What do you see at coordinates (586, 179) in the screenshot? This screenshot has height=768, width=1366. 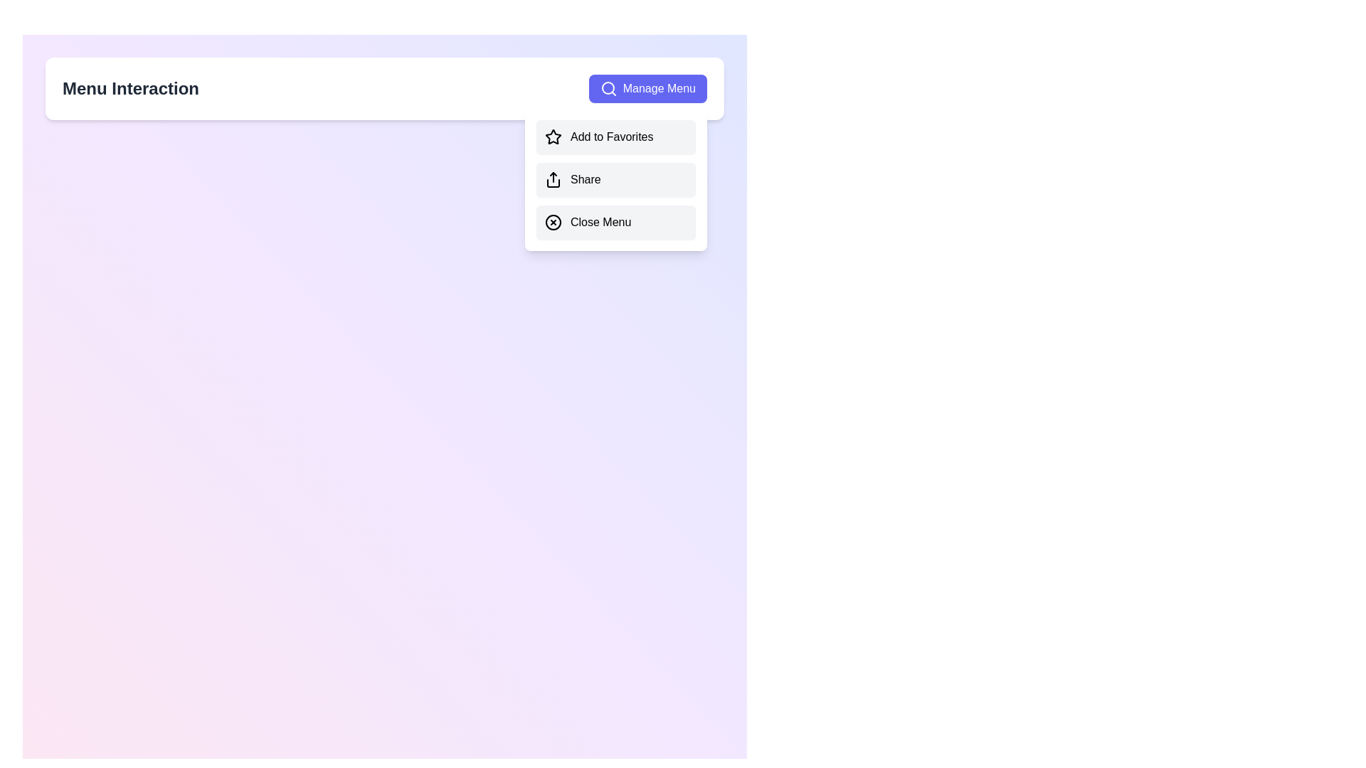 I see `the 'Share' text label, which is the second entry in the vertical menu list and styled in bold black text next to an upward arrow icon` at bounding box center [586, 179].